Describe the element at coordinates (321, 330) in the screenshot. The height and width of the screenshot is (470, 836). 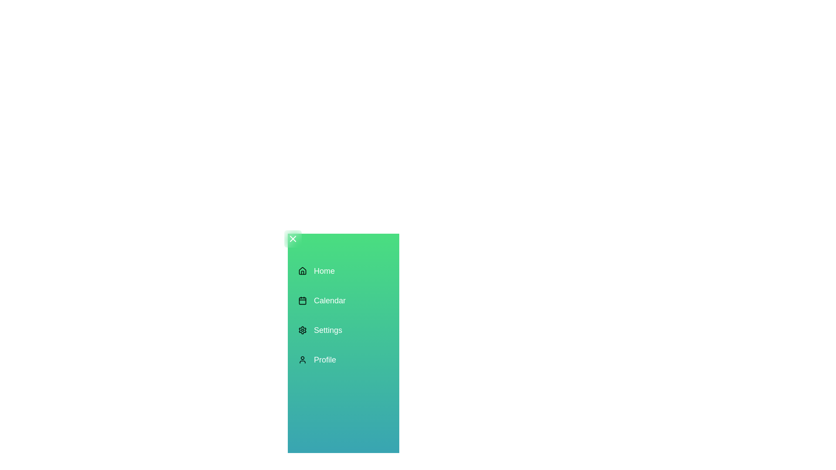
I see `the 'Settings' button, which features a gear icon and is located in the sidebar menu directly below the 'Calendar' option` at that location.